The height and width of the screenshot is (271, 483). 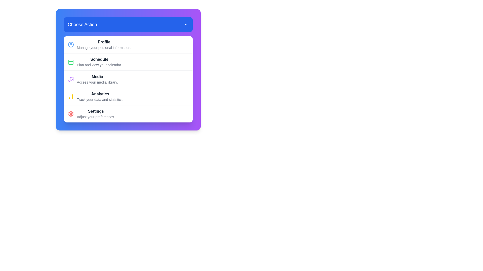 I want to click on the informative text that reads 'Access your media library.' which is styled in a smaller light gray font and located under the bold-text label 'Media.', so click(x=97, y=82).